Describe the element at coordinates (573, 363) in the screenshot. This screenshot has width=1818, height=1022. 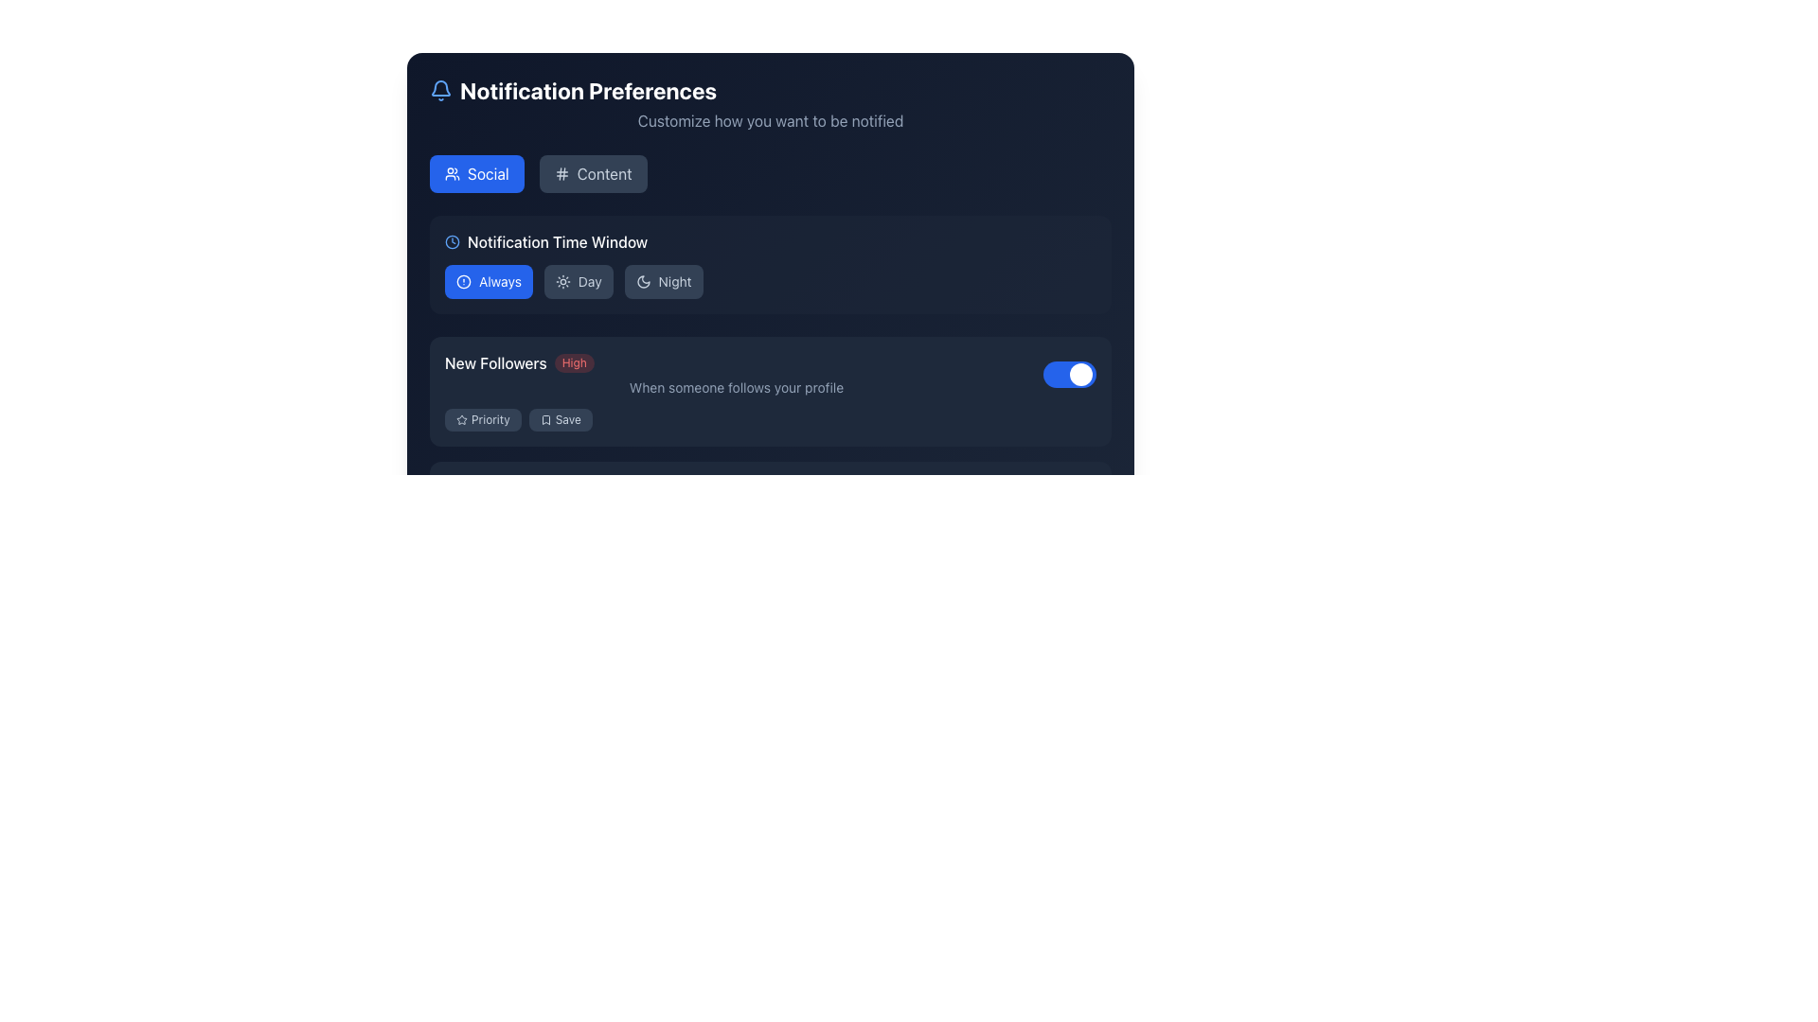
I see `the displayed priority level on the badge labeled 'High' with a red background, located to the right of the 'New Followers' text in the 'Notification Preferences' section` at that location.